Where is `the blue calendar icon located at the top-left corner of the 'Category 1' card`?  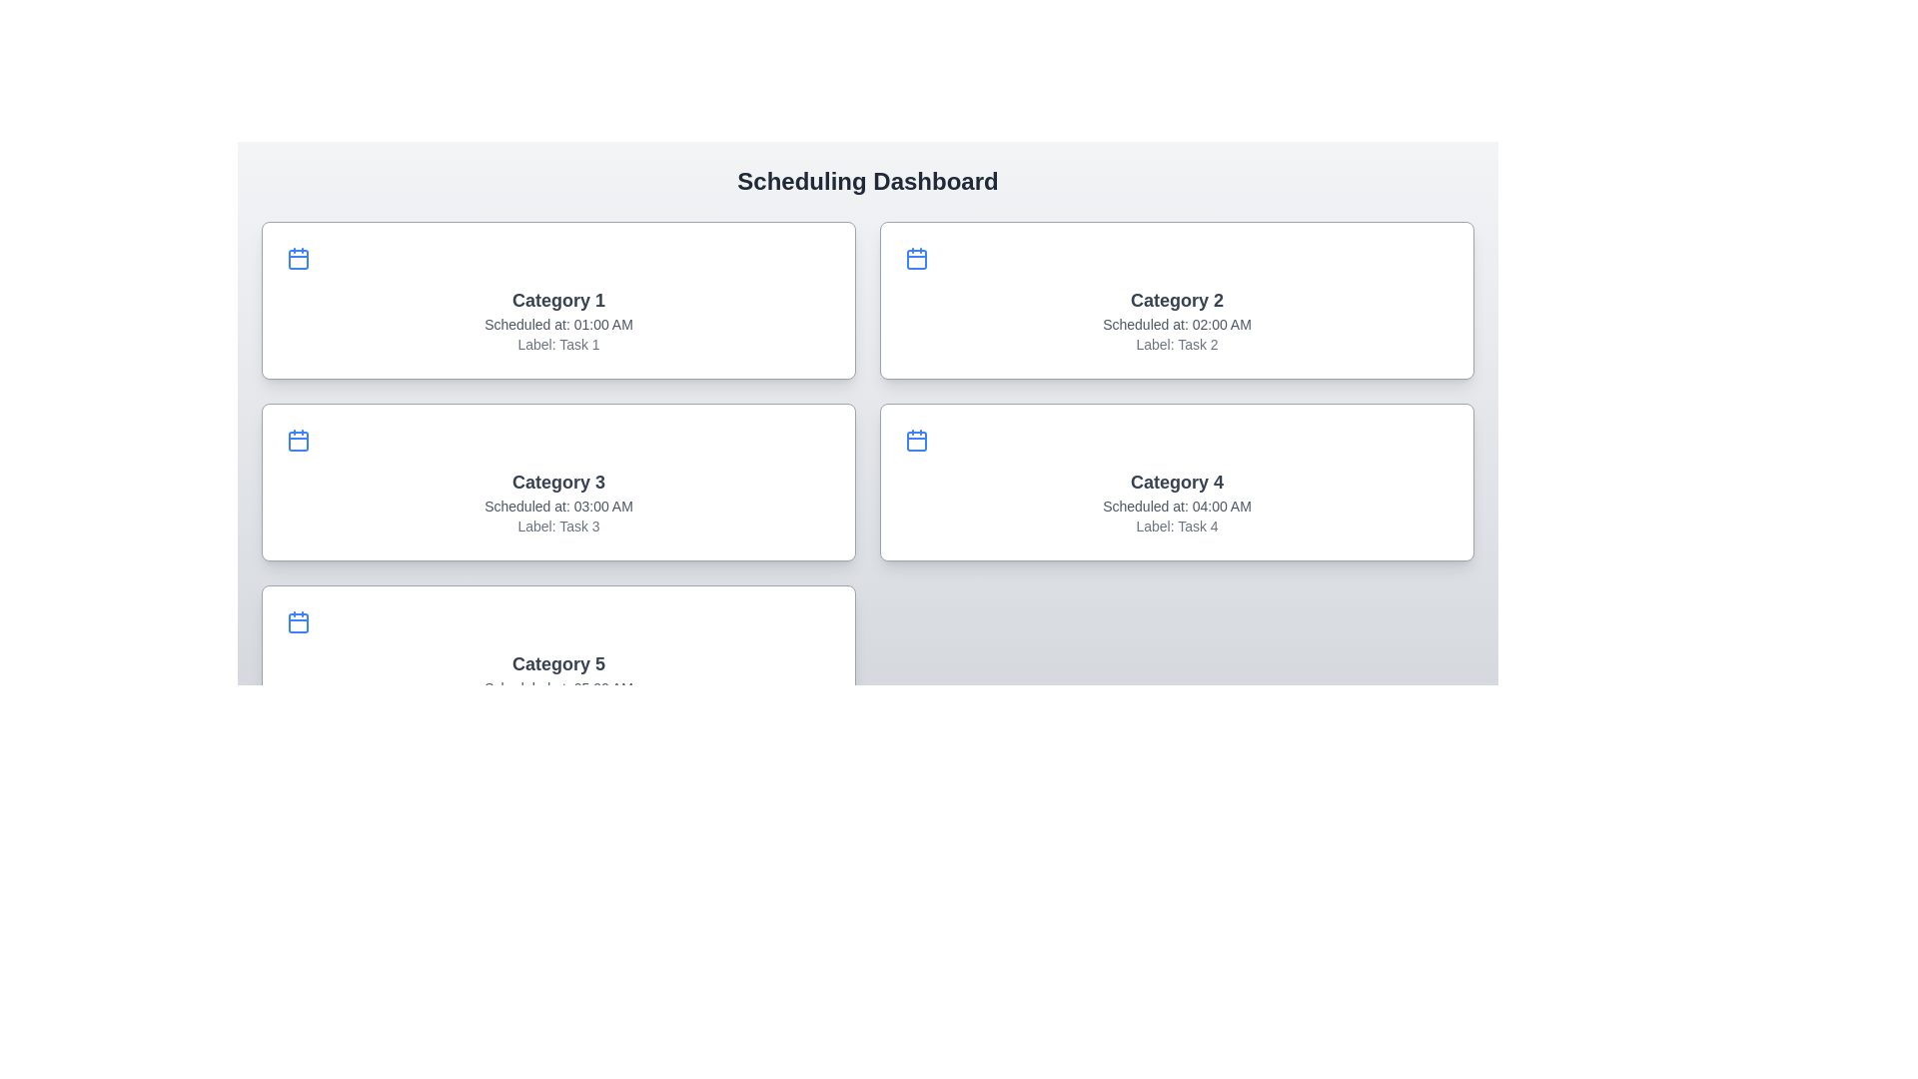
the blue calendar icon located at the top-left corner of the 'Category 1' card is located at coordinates (297, 257).